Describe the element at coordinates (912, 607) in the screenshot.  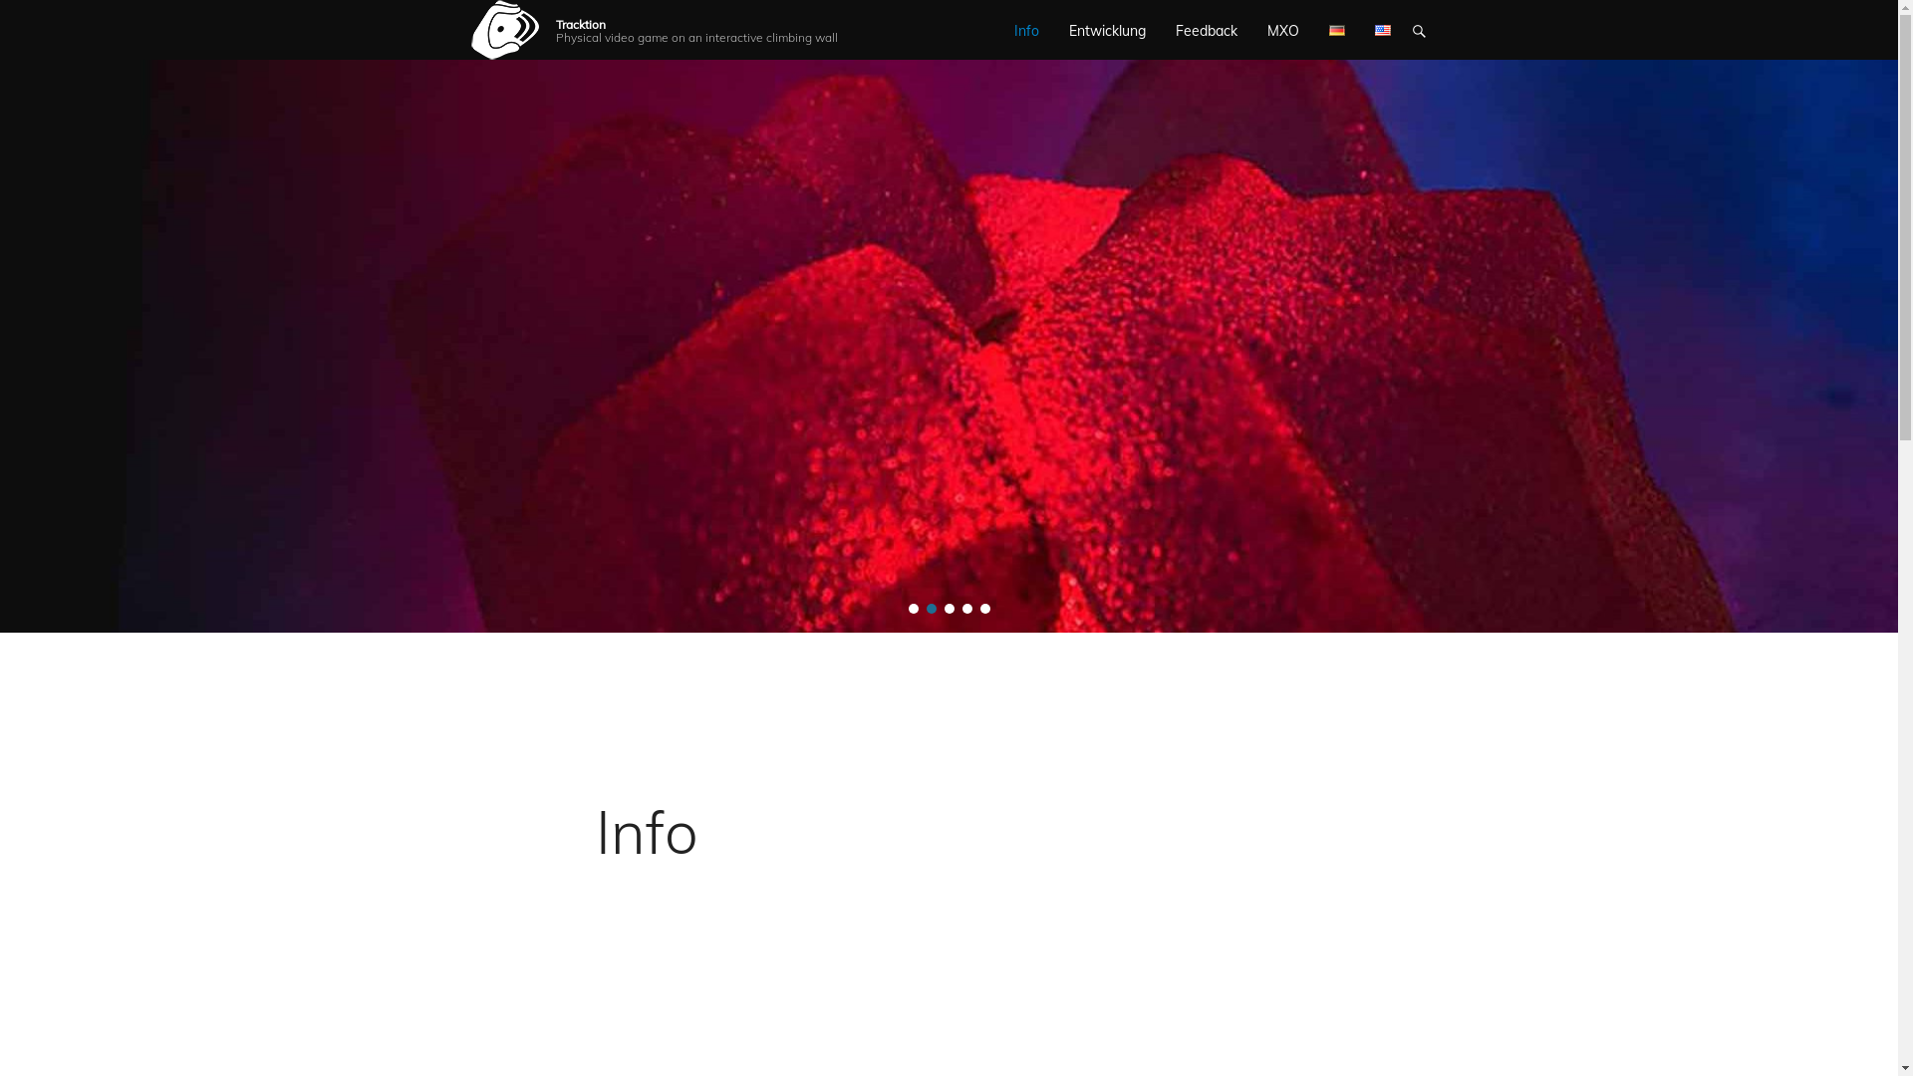
I see `'1'` at that location.